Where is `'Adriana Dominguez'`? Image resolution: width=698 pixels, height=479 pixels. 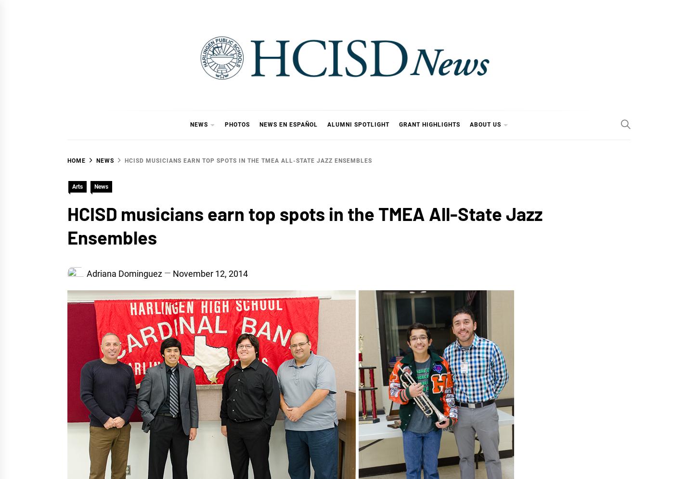
'Adriana Dominguez' is located at coordinates (86, 273).